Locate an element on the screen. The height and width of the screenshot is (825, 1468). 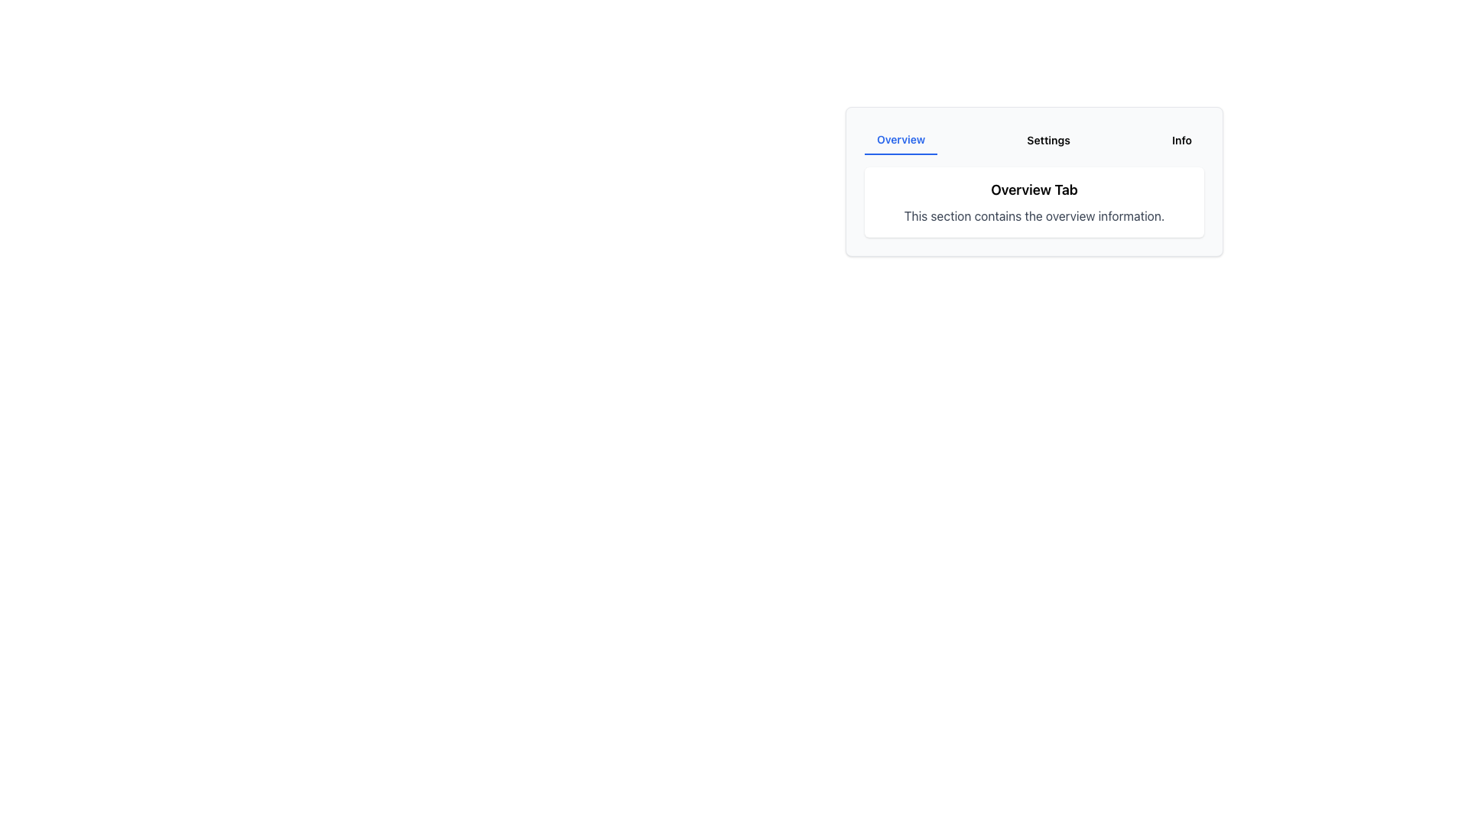
the 'Settings' tab, which is a button-like text element styled with padding, small bold text, located in the middle of three sibling elements in a horizontal navigation bar is located at coordinates (1047, 141).